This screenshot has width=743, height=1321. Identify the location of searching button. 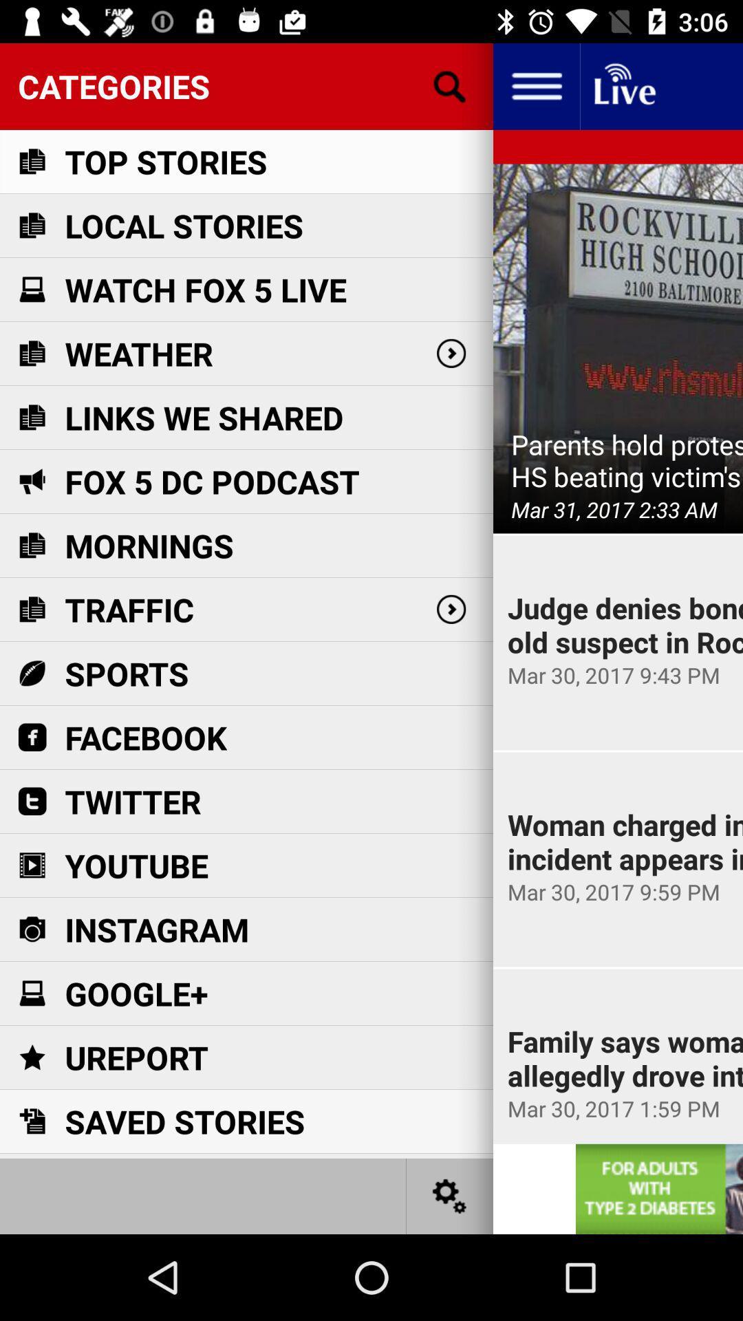
(450, 85).